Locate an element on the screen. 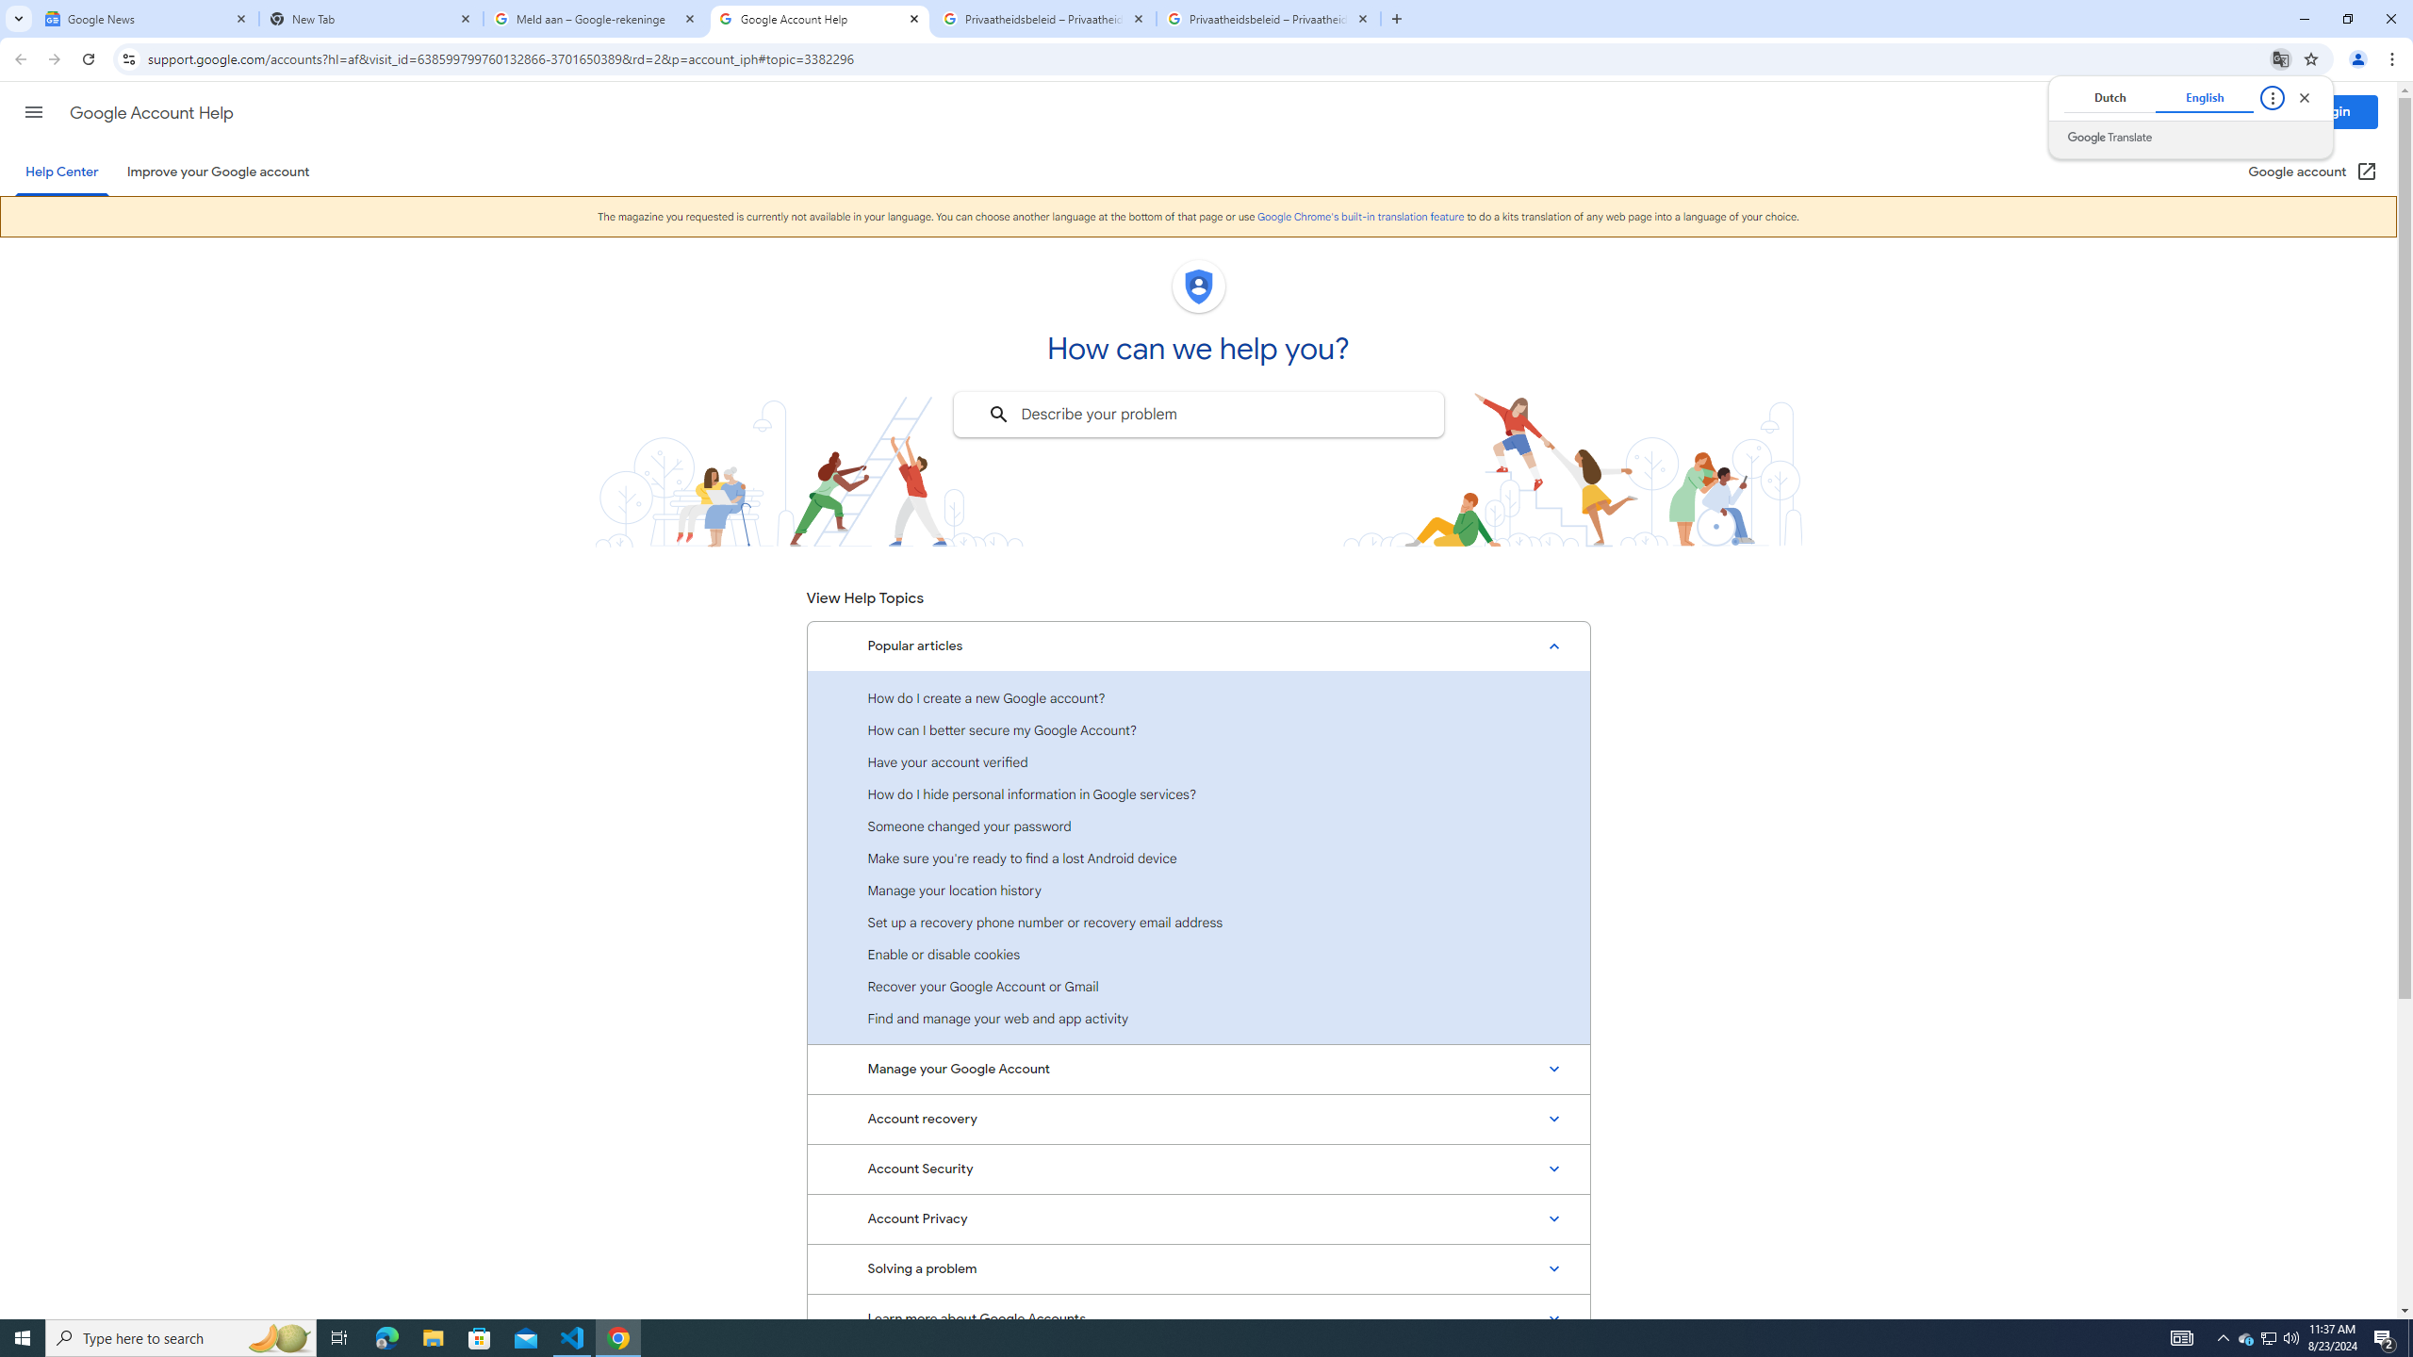  'Someone changed your password' is located at coordinates (1198, 826).